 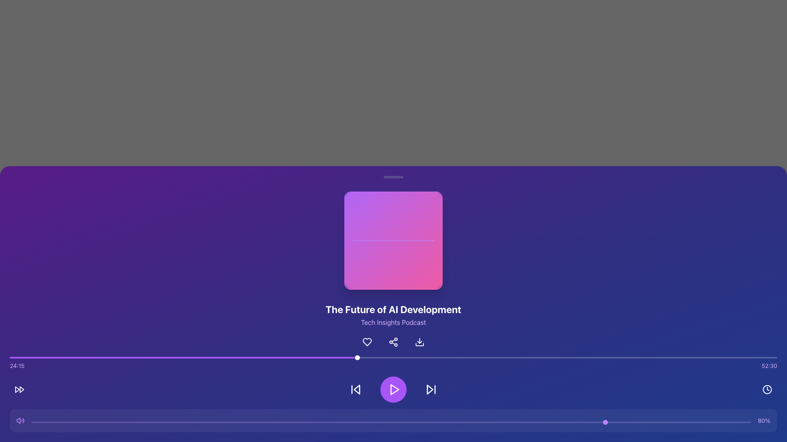 What do you see at coordinates (225, 422) in the screenshot?
I see `the slider value` at bounding box center [225, 422].